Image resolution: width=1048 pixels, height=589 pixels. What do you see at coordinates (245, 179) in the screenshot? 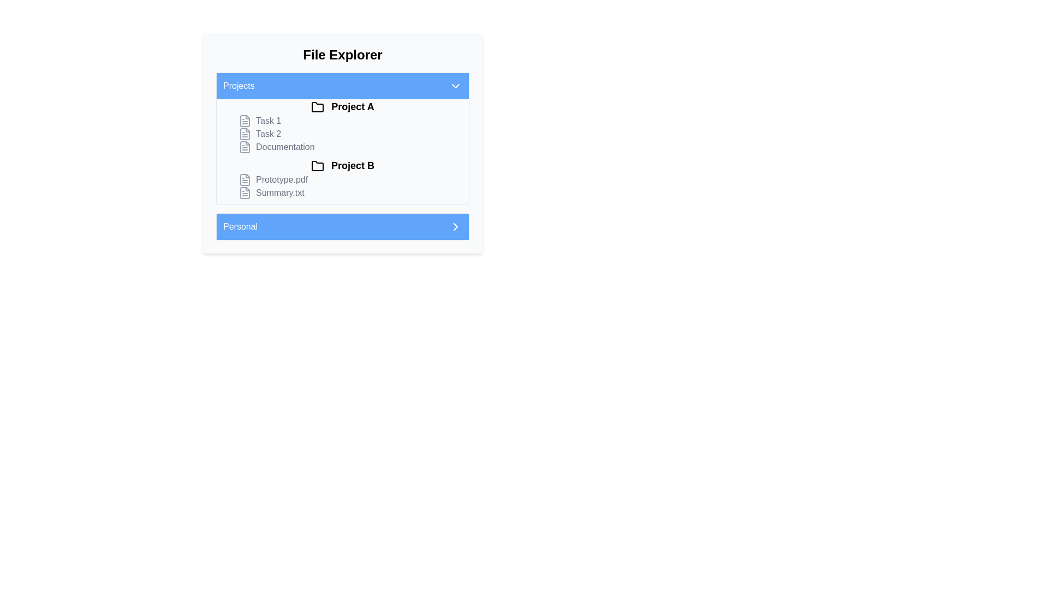
I see `the document icon representing a file, located in the 'Prototype.pdf' entry under the 'Project B' section of the file explorer interface` at bounding box center [245, 179].